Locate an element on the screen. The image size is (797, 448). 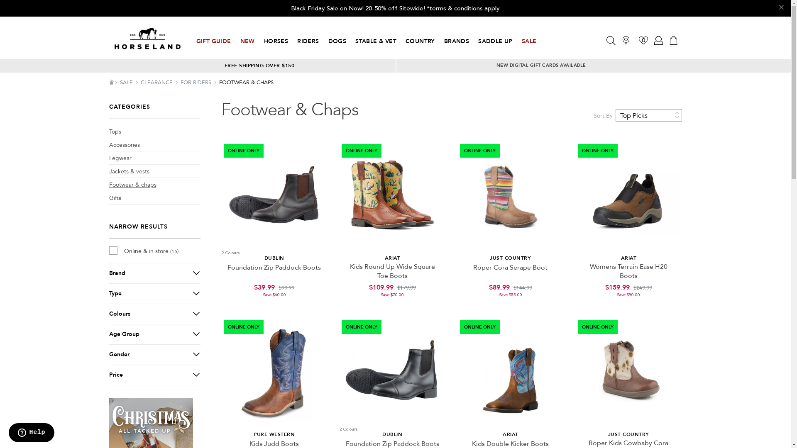
'SALE' is located at coordinates (119, 83).